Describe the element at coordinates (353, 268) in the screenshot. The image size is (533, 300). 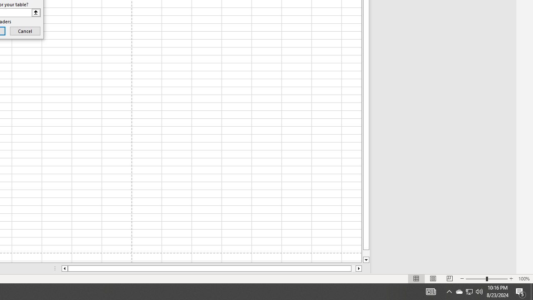
I see `'Page right'` at that location.